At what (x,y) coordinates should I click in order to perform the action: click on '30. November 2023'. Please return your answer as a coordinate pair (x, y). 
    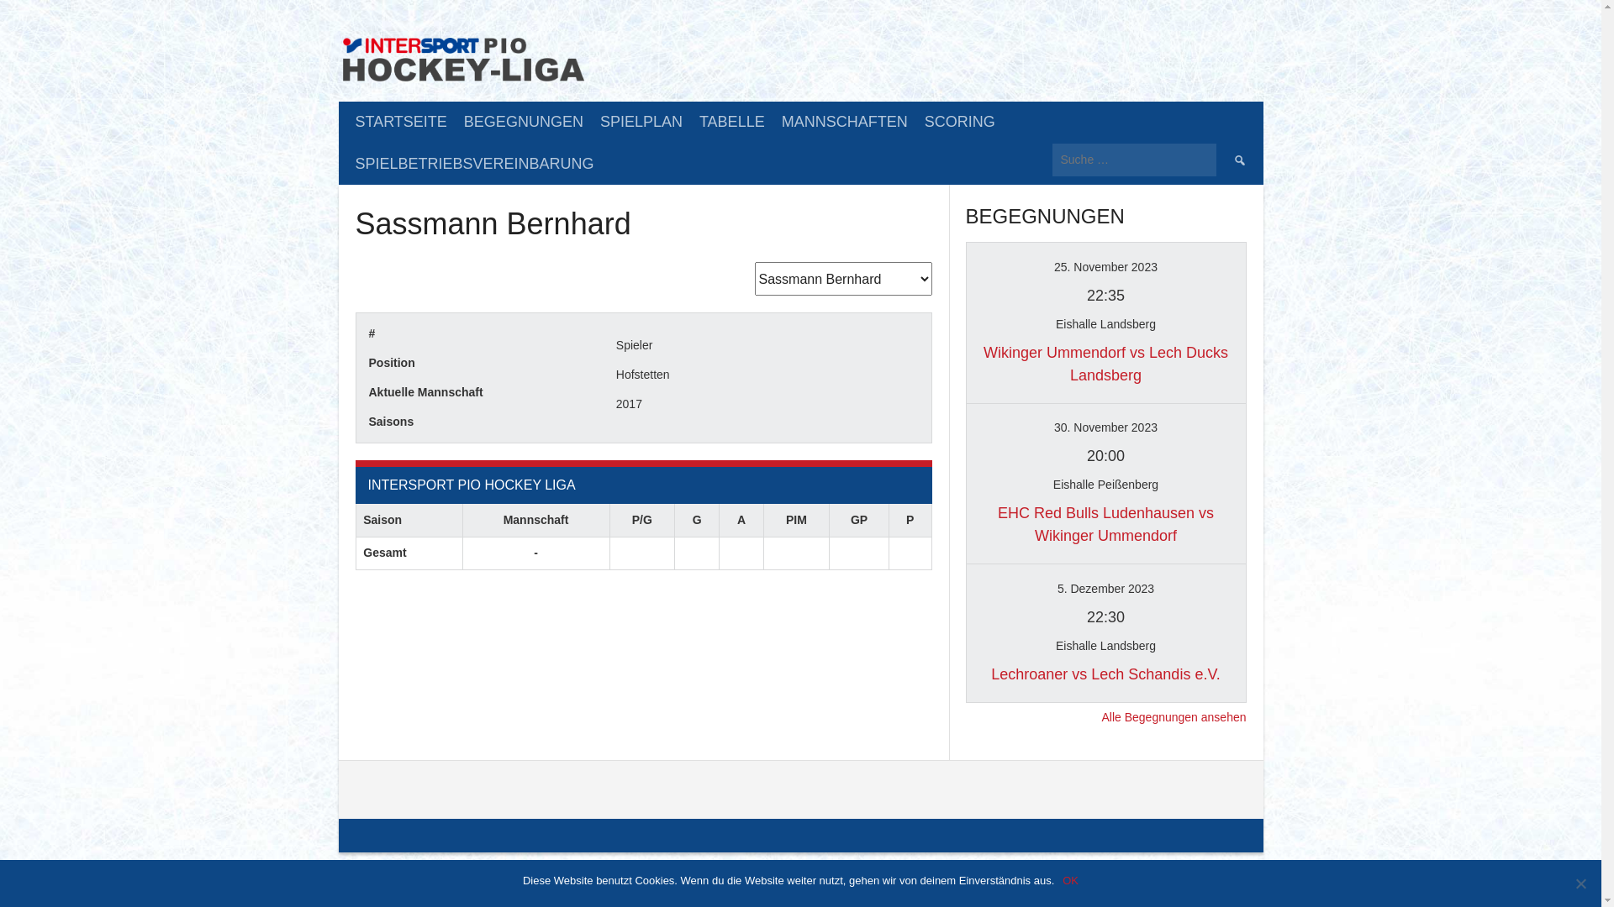
    Looking at the image, I should click on (1105, 427).